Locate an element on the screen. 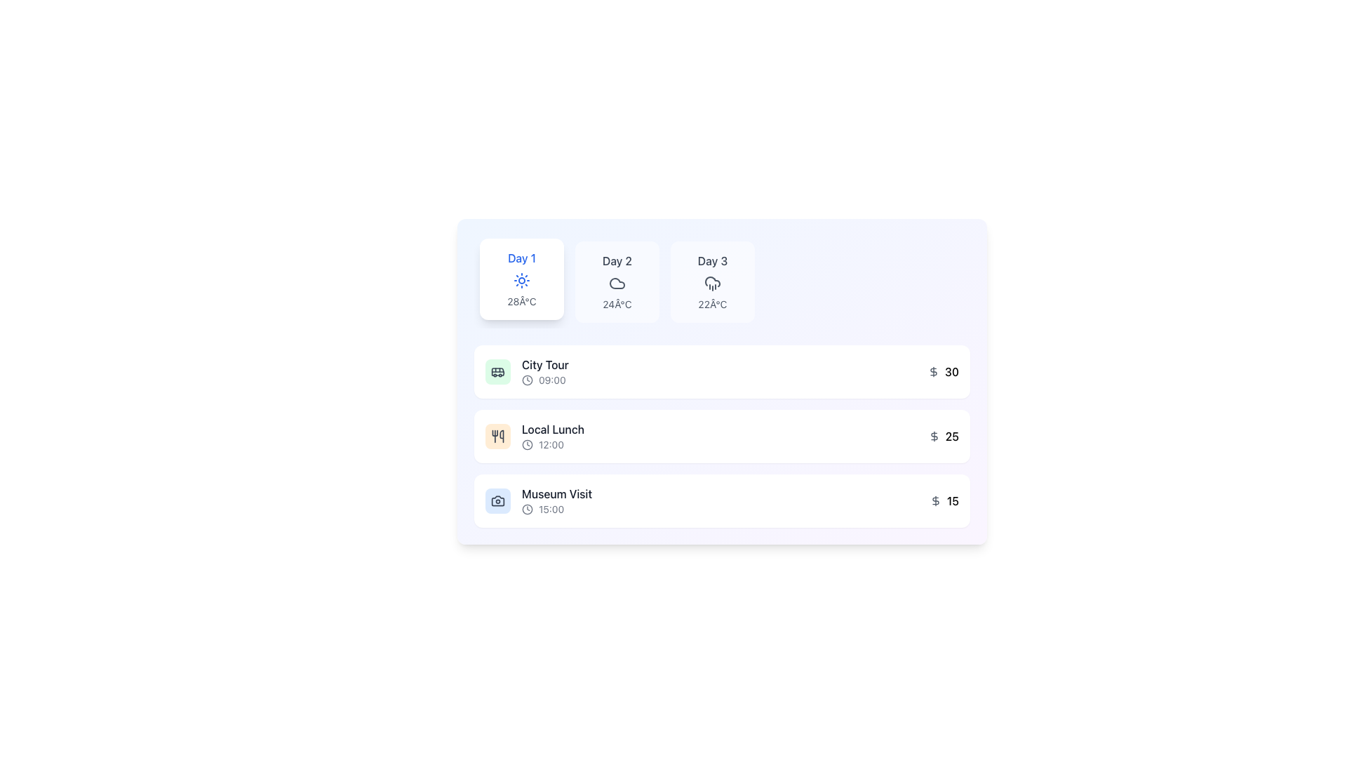  the timestamp element reading '15:00' with a clock icon, located in the bottom right corner of the 'Museum Visit' list item is located at coordinates (556, 509).